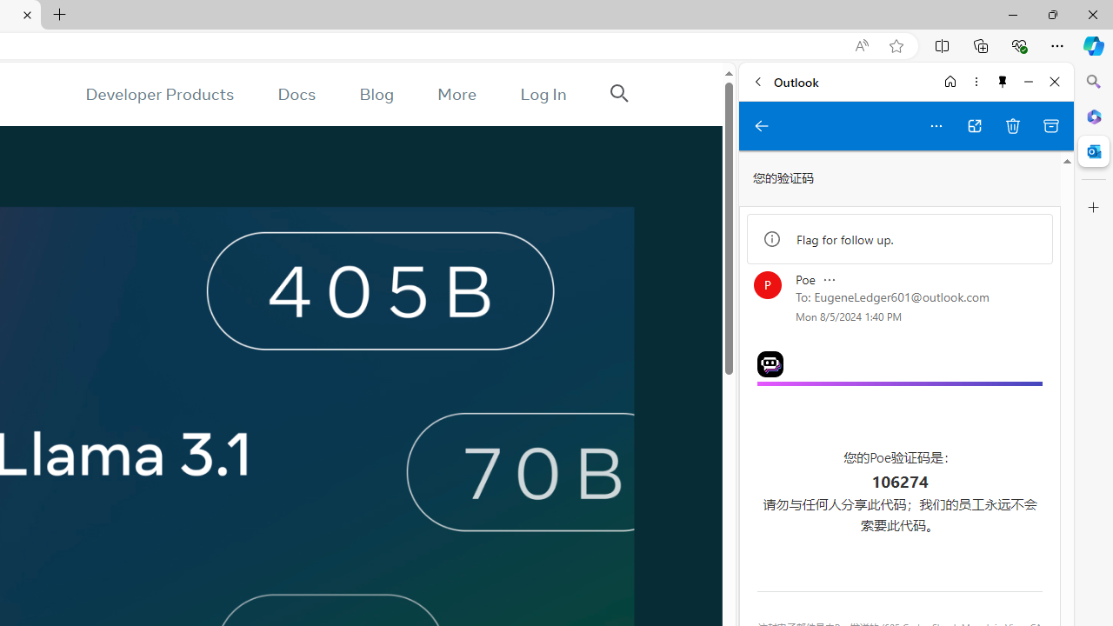 The image size is (1113, 626). Describe the element at coordinates (376, 94) in the screenshot. I see `'Blog'` at that location.